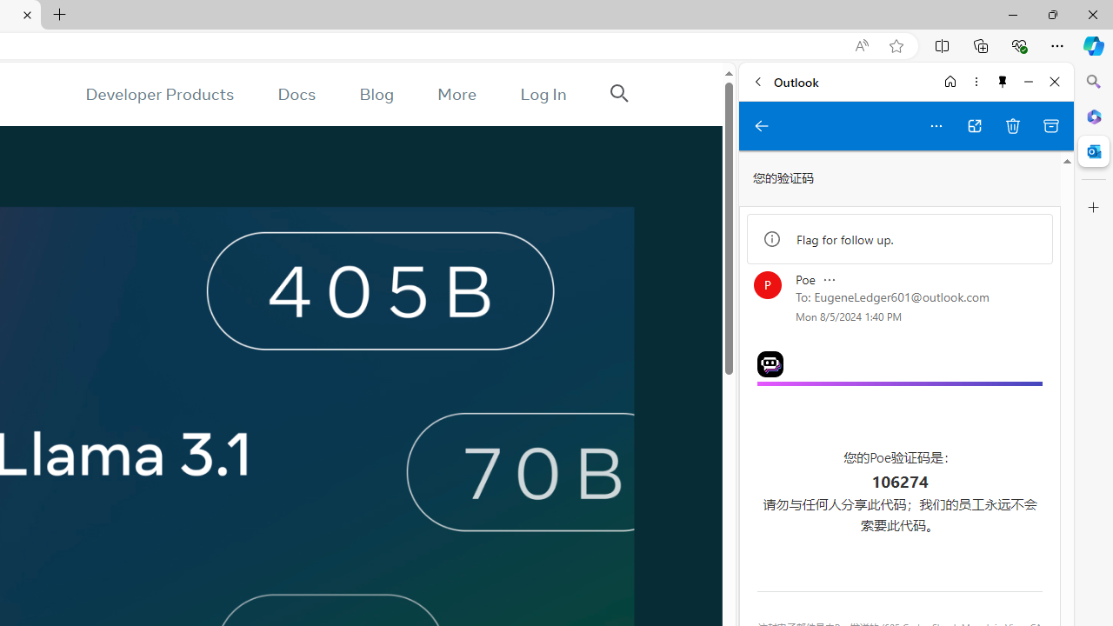 The image size is (1113, 626). Describe the element at coordinates (376, 94) in the screenshot. I see `'Blog'` at that location.